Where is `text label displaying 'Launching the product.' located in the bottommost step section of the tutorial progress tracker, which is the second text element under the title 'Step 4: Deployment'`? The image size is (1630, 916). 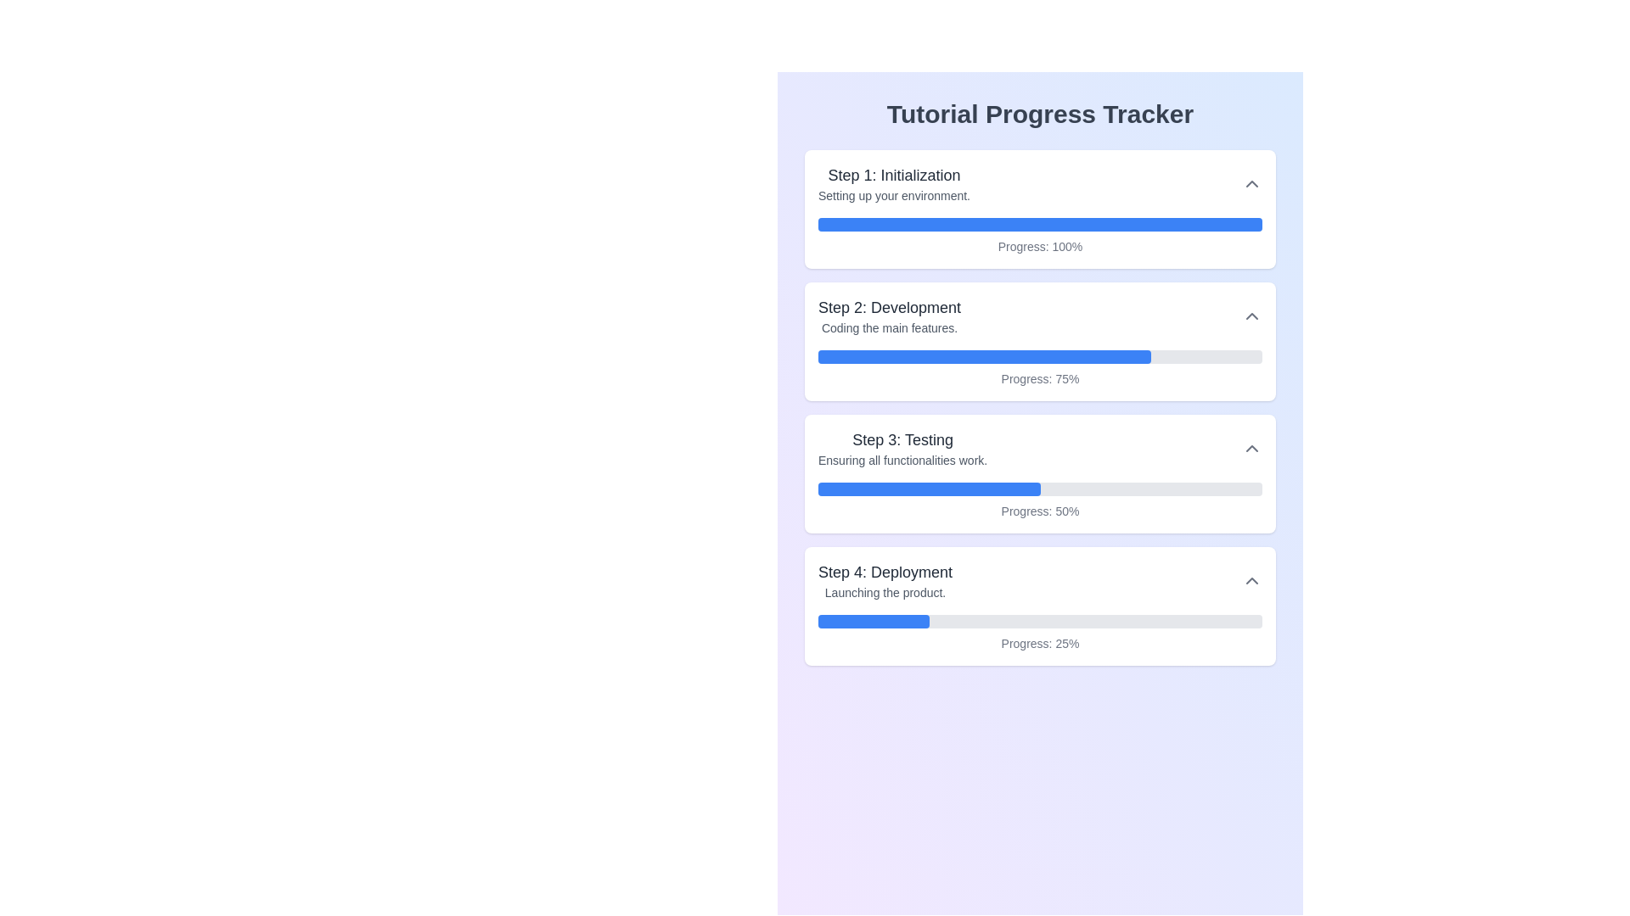 text label displaying 'Launching the product.' located in the bottommost step section of the tutorial progress tracker, which is the second text element under the title 'Step 4: Deployment' is located at coordinates (885, 591).